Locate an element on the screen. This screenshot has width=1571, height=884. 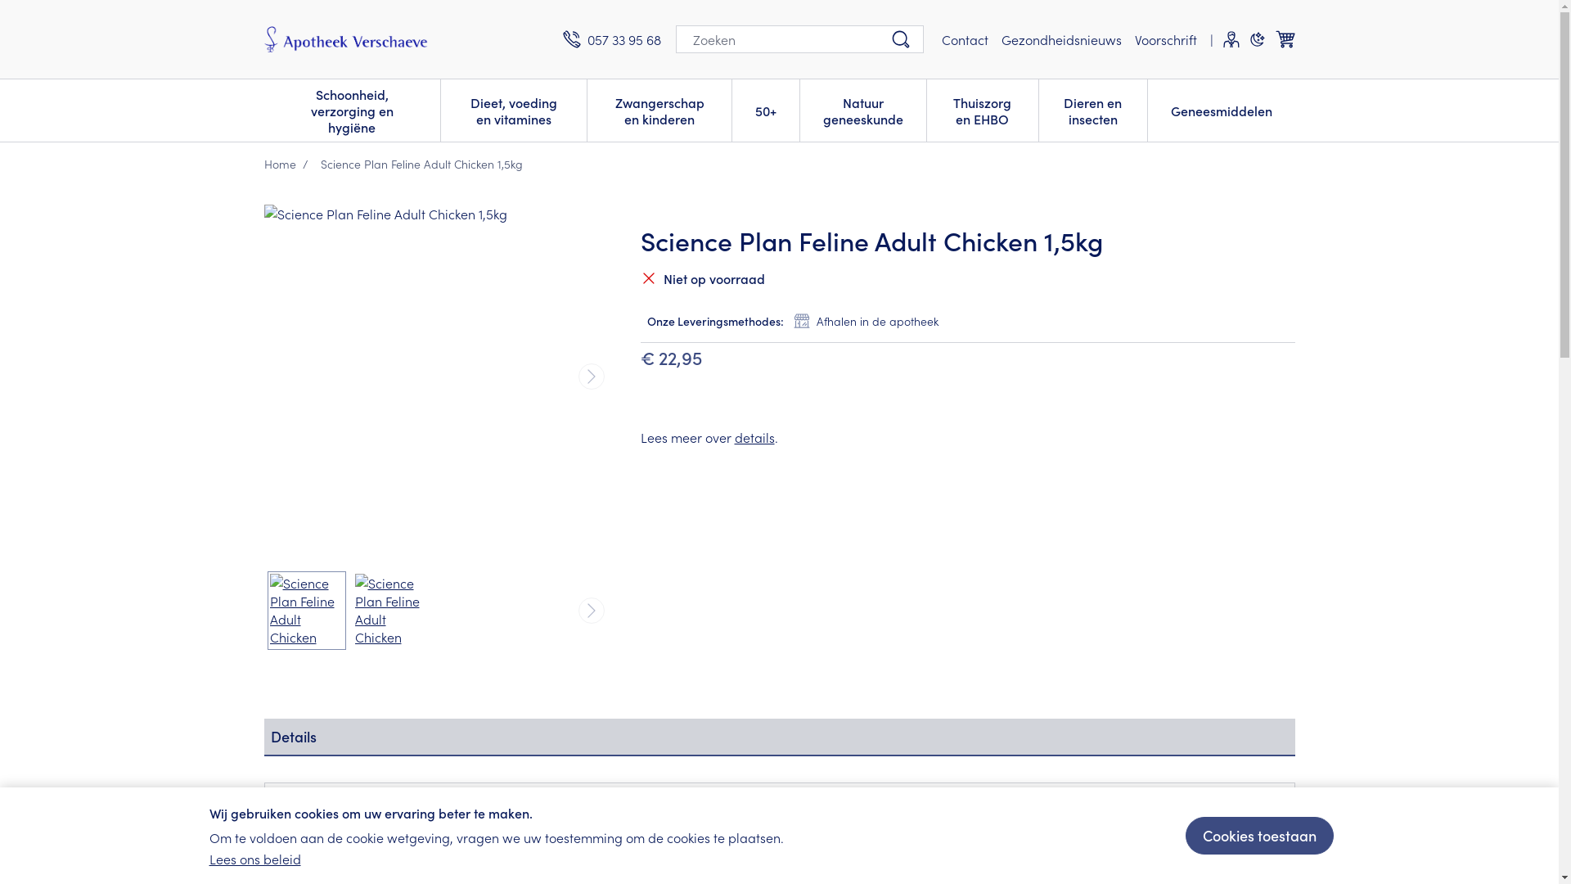
'Cookies toestaan' is located at coordinates (1258, 836).